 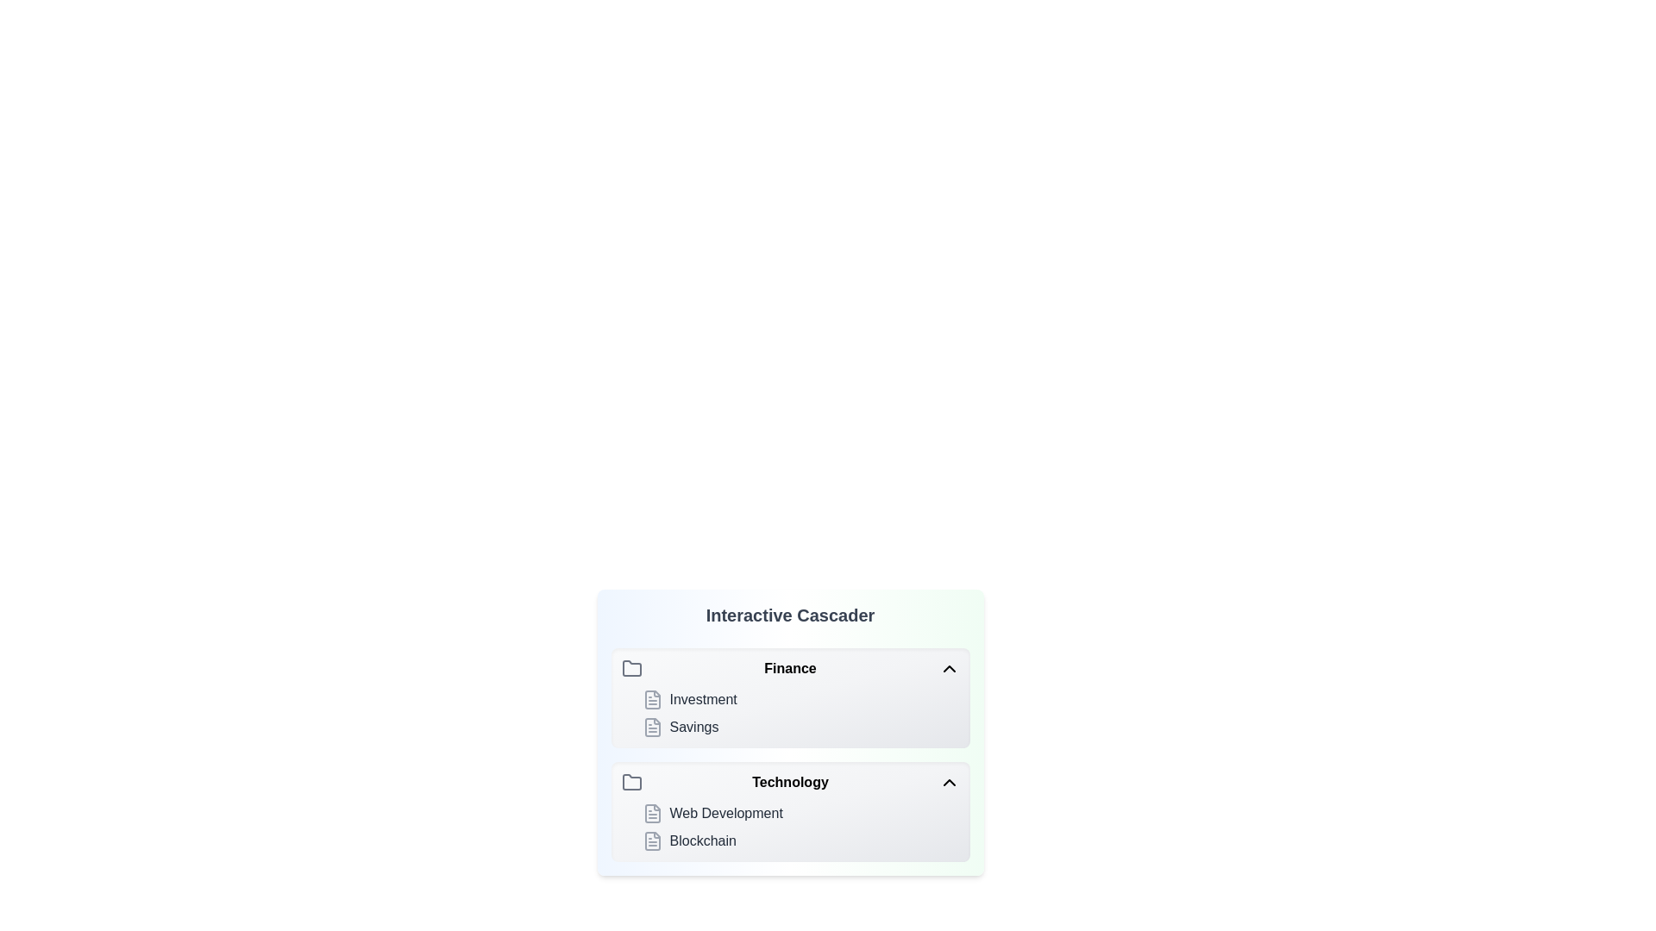 What do you see at coordinates (630, 667) in the screenshot?
I see `the folder icon with a minimalist outline and gray color located under the 'Interactive Cascader' heading in the 'Finance' category section` at bounding box center [630, 667].